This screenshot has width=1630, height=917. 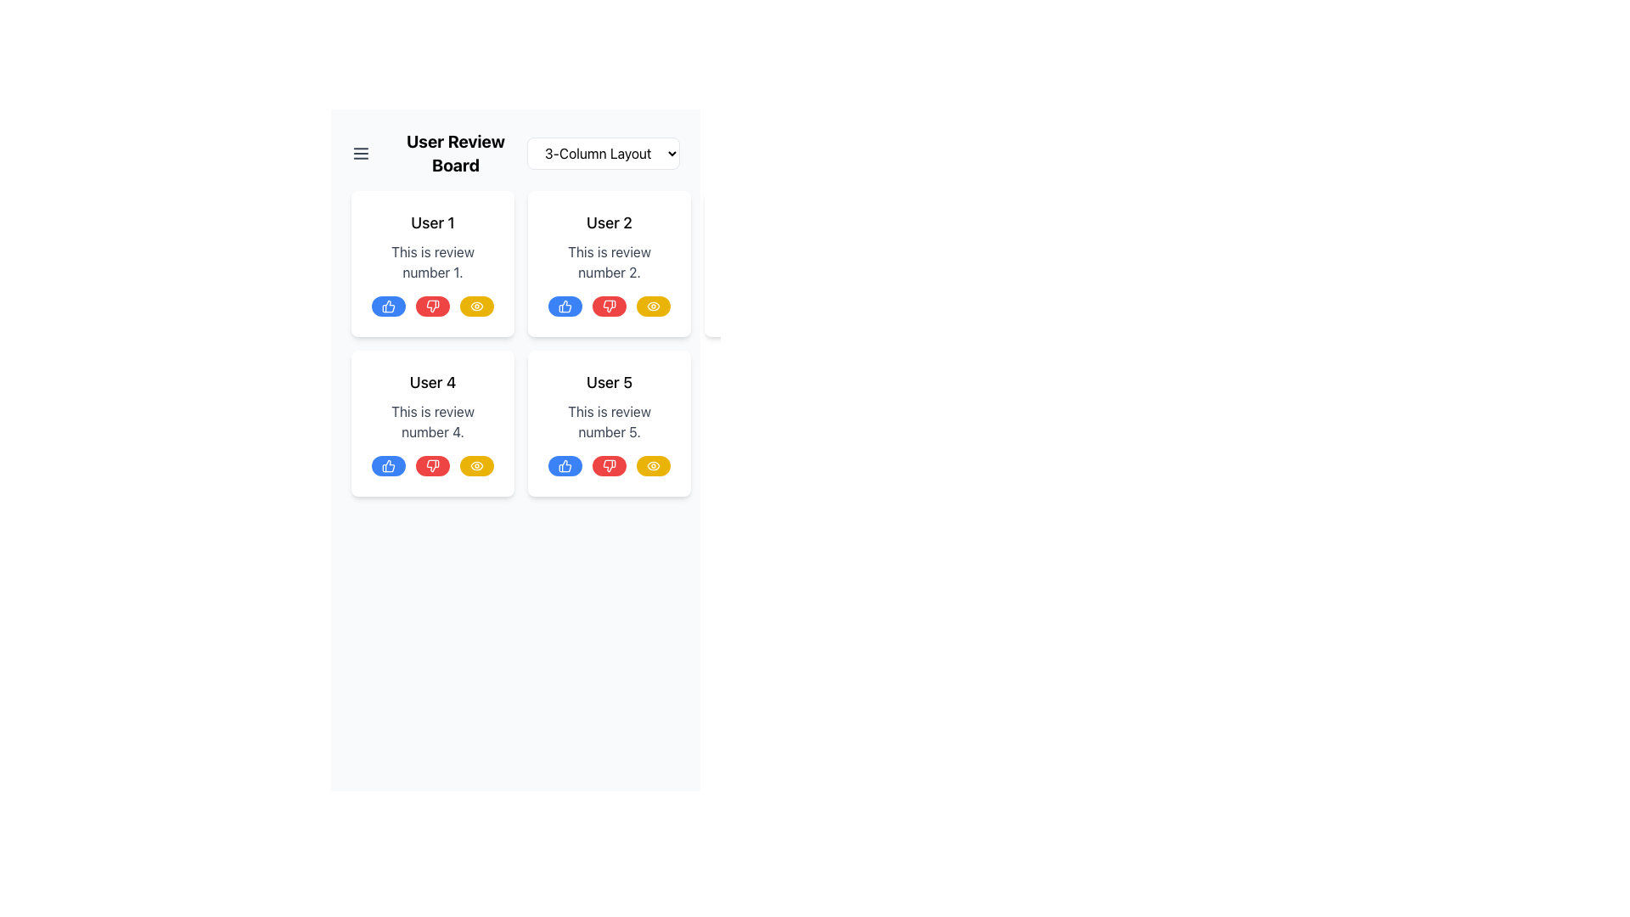 What do you see at coordinates (360, 154) in the screenshot?
I see `the menu icon, represented by three horizontal lines stacked vertically, located at the top-left corner of the interface near 'User Review Board'` at bounding box center [360, 154].